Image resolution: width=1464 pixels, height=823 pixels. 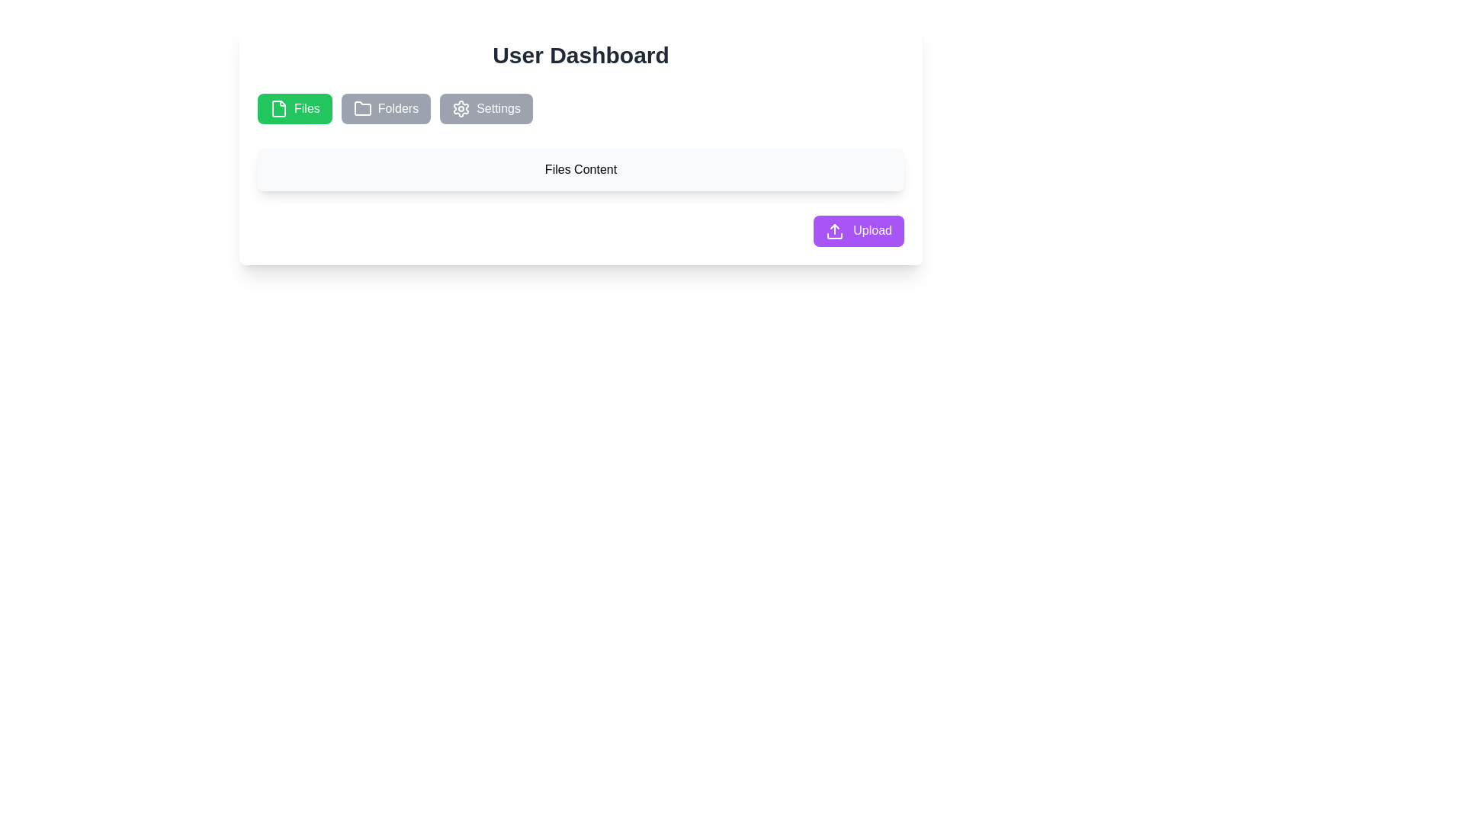 I want to click on the 'Folders' text label located in the central button of the three-button menu at the top of the interface, which has a gray background and rounded corners, so click(x=398, y=107).